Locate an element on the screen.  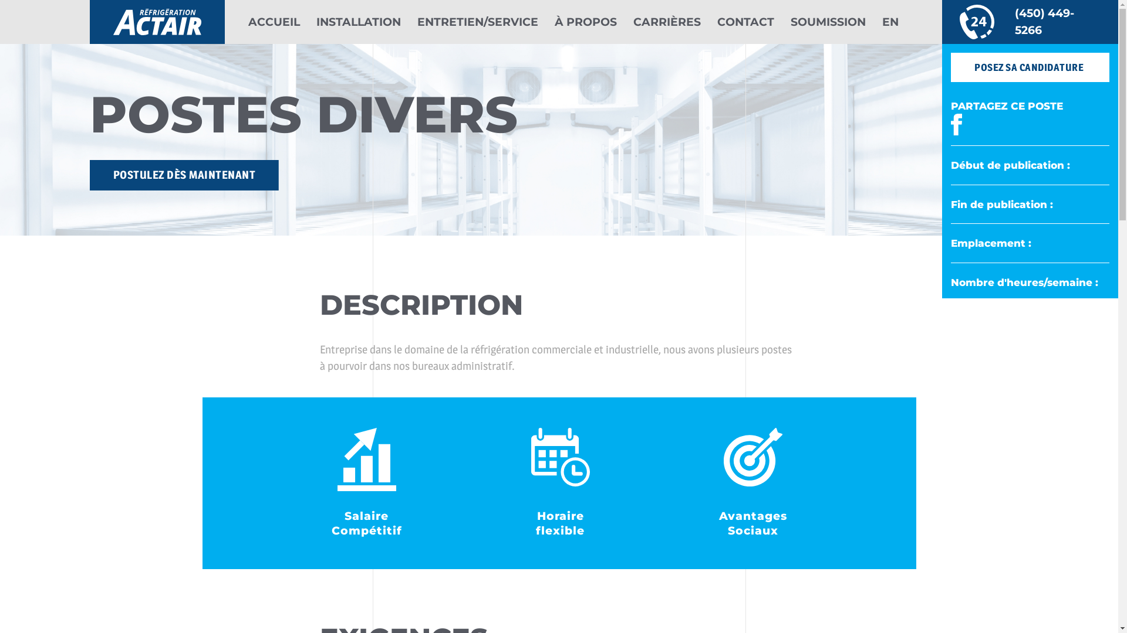
'SOUMISSION' is located at coordinates (789, 22).